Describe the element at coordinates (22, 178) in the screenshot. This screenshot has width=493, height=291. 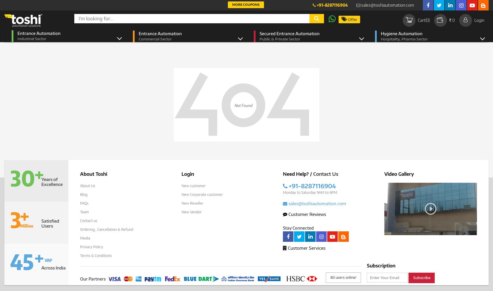
I see `'30'` at that location.